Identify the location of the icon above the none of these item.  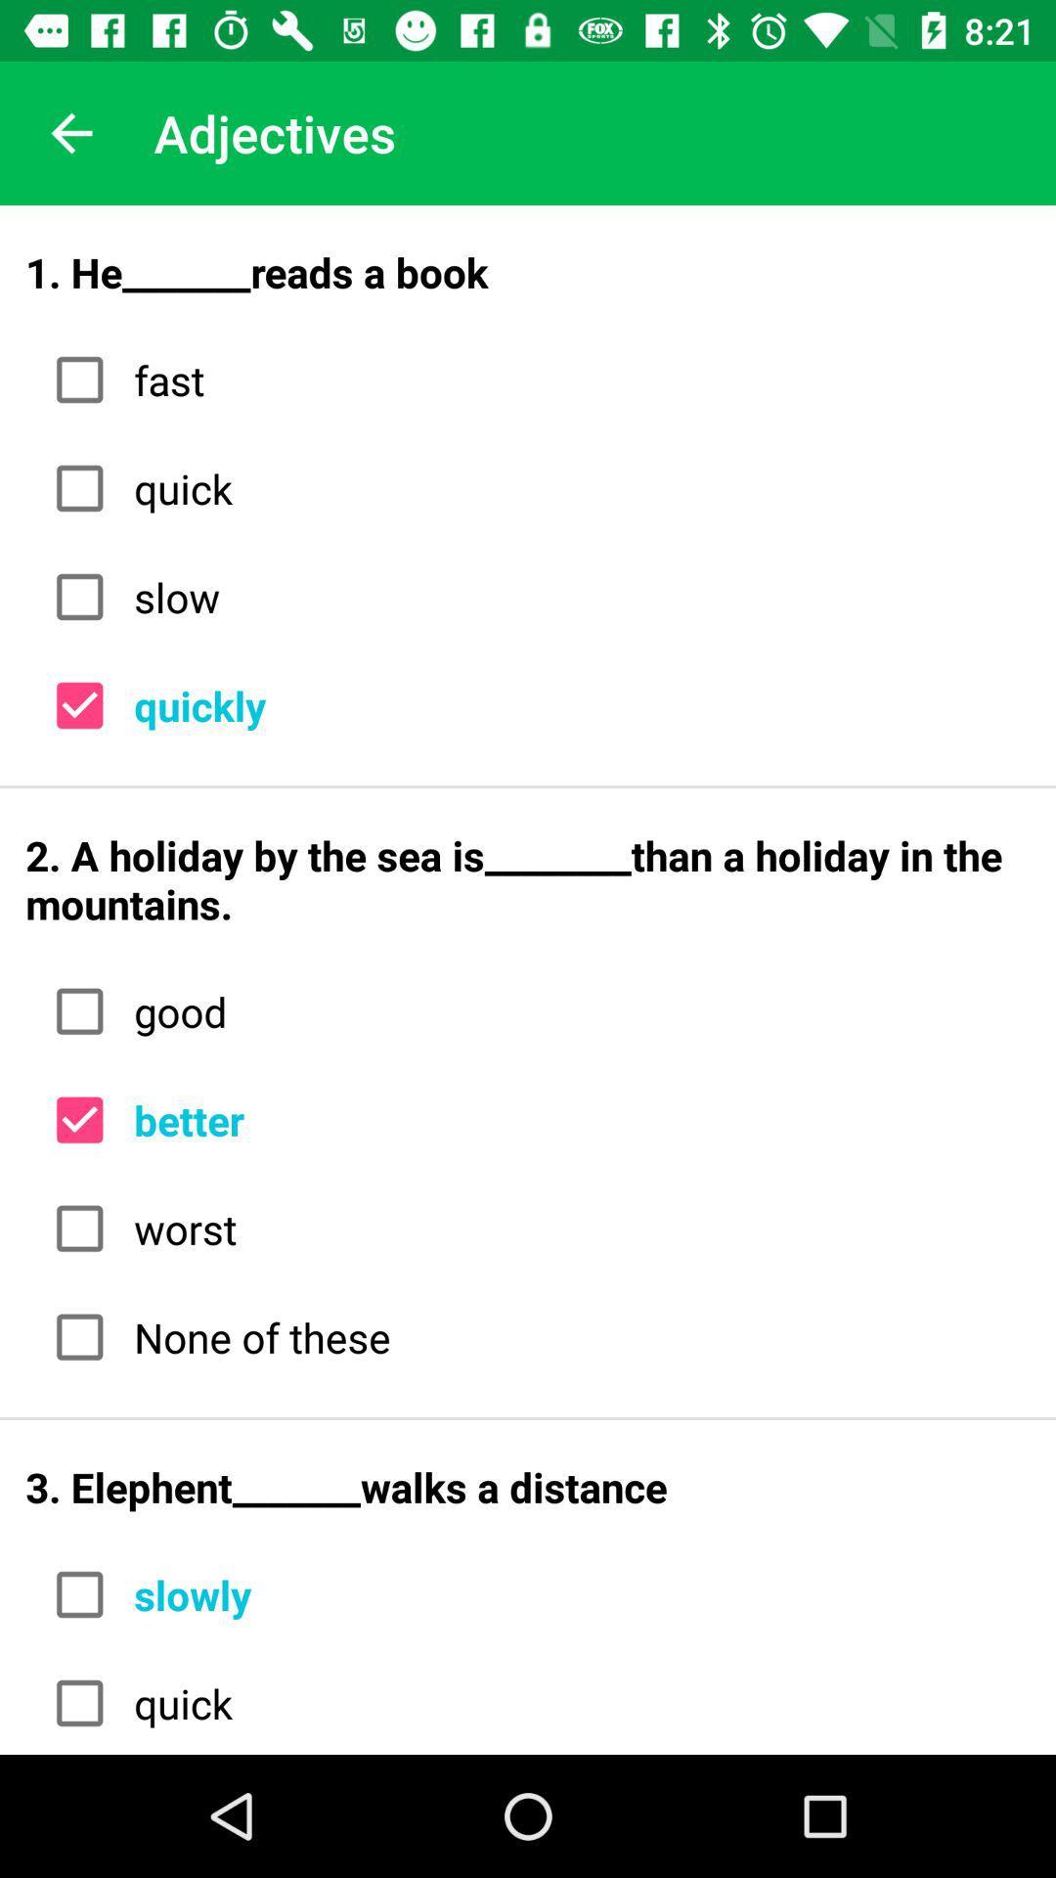
(574, 1228).